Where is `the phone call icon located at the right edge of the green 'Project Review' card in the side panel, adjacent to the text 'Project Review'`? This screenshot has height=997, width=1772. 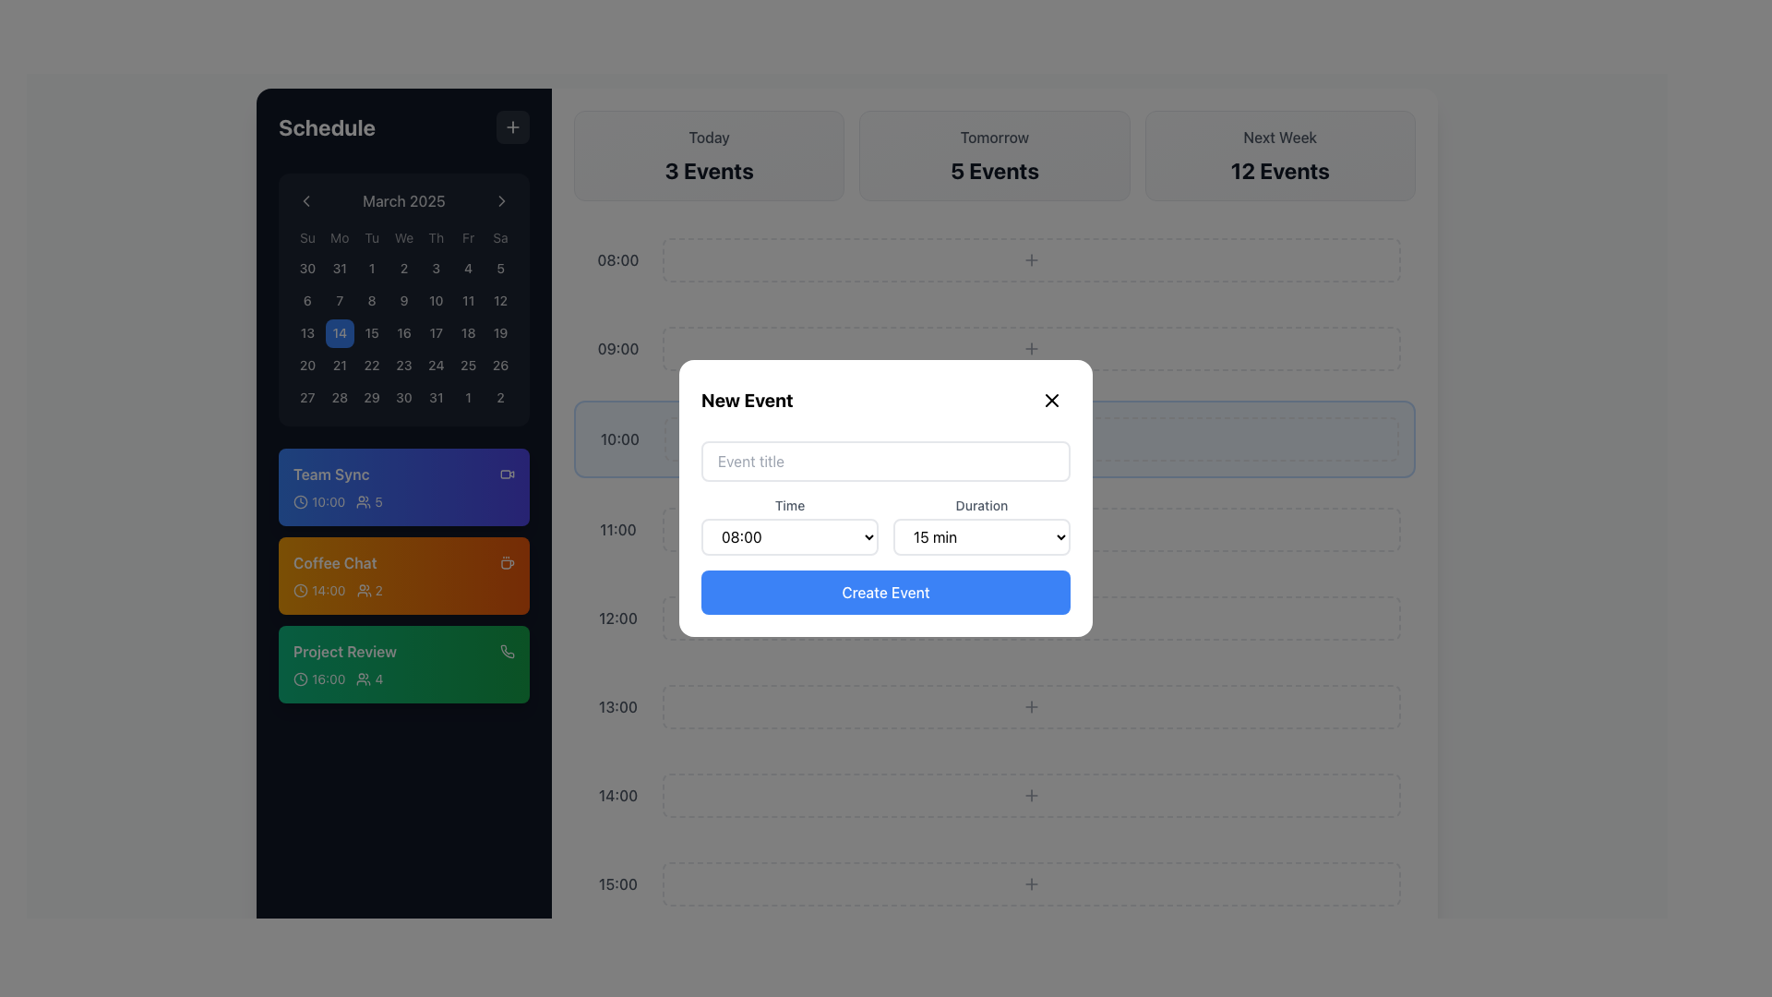 the phone call icon located at the right edge of the green 'Project Review' card in the side panel, adjacent to the text 'Project Review' is located at coordinates (508, 650).